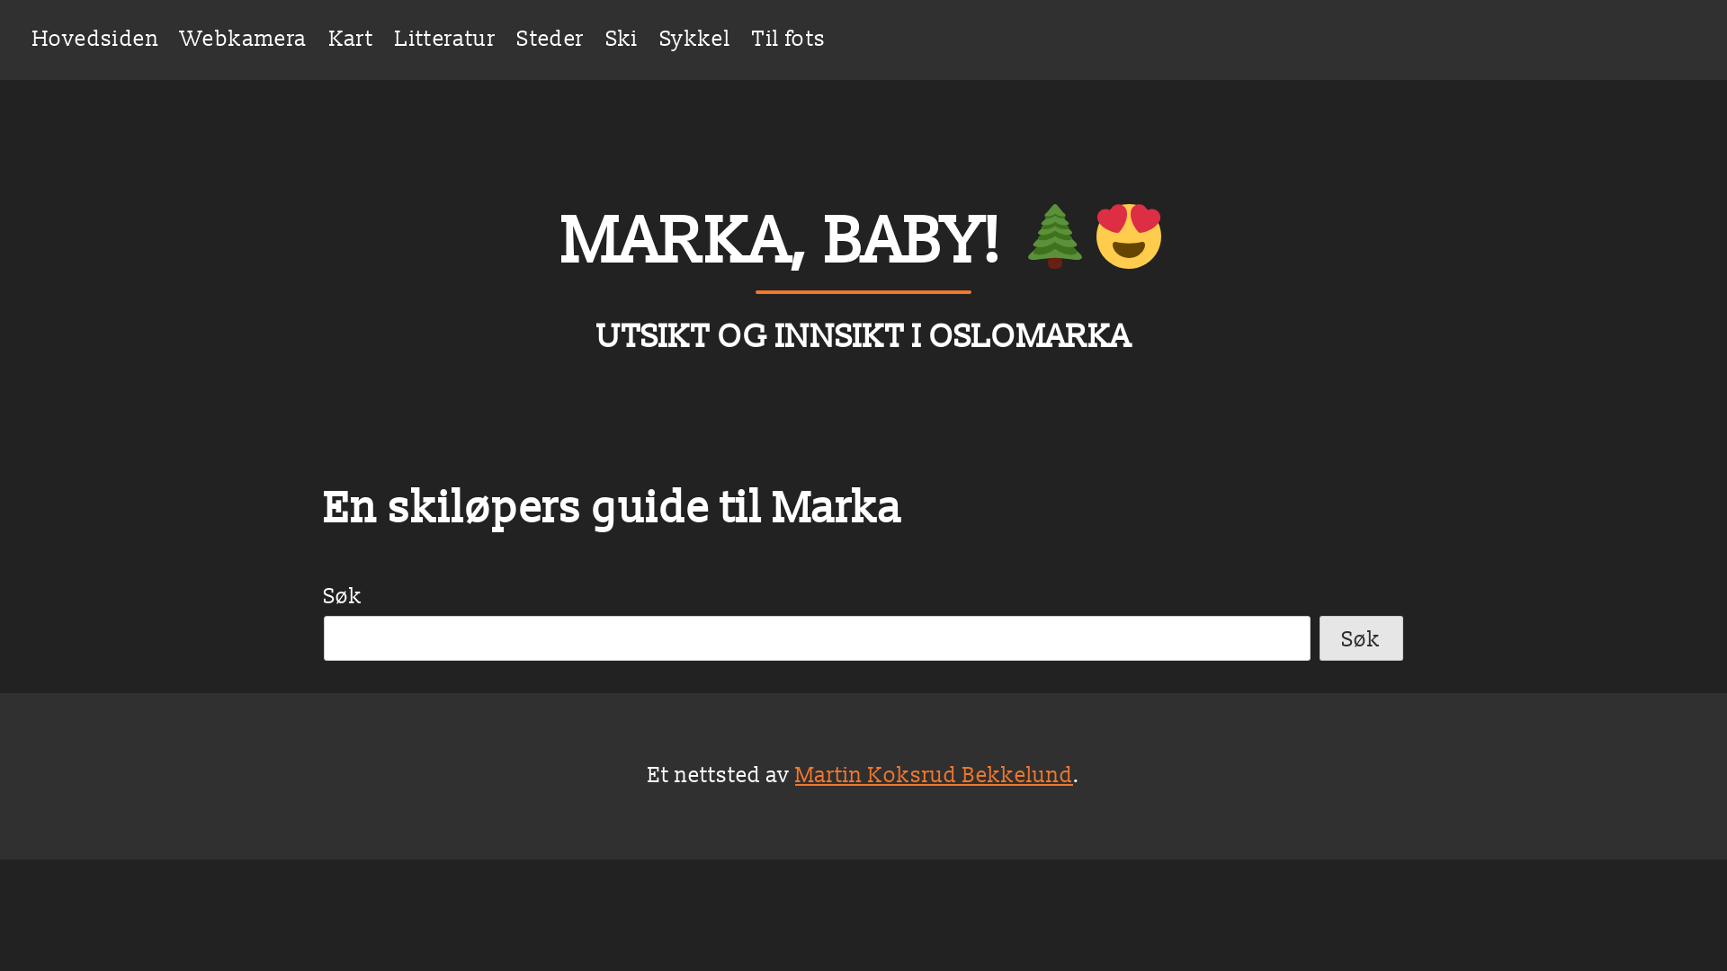 Image resolution: width=1727 pixels, height=971 pixels. I want to click on 'Steder', so click(549, 39).